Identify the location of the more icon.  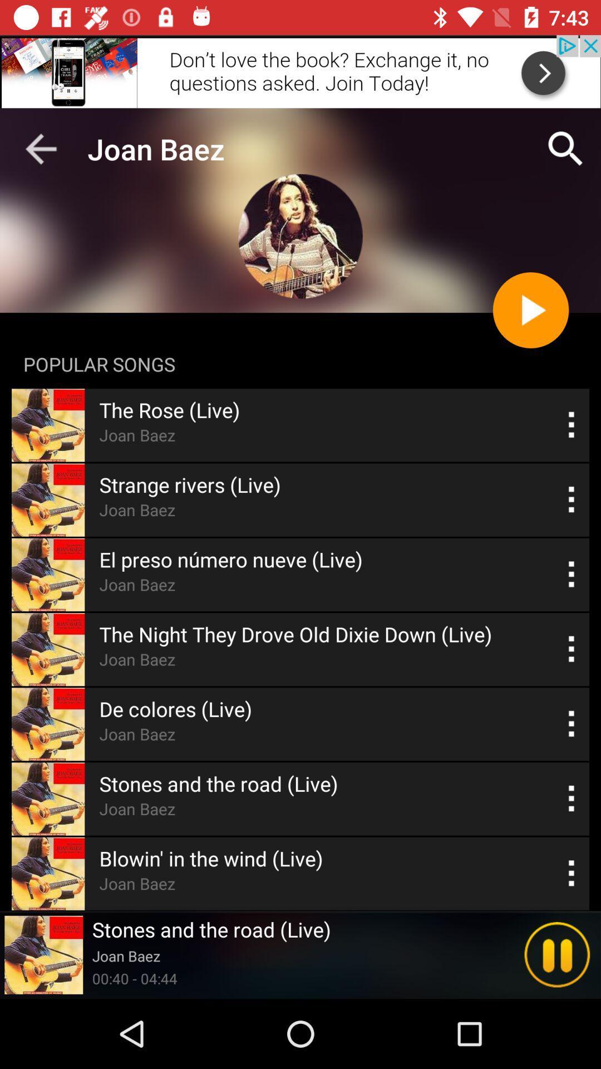
(572, 575).